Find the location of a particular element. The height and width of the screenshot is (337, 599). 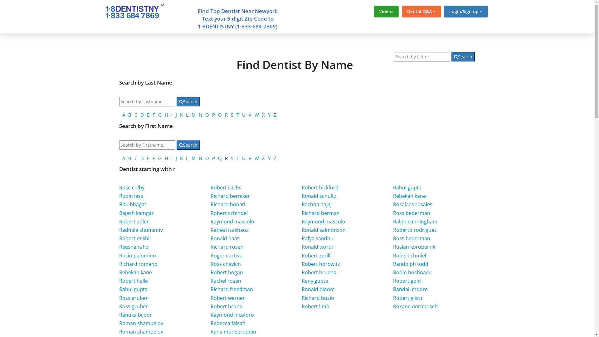

'F' is located at coordinates (154, 158).